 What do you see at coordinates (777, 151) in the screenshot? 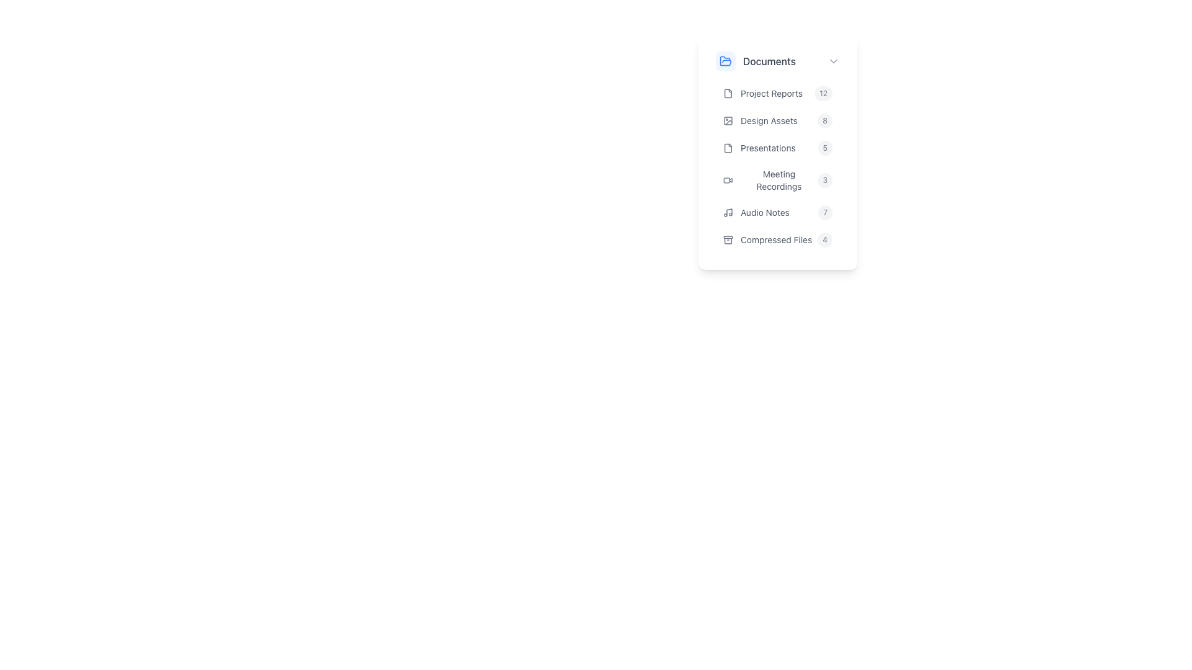
I see `the 'Presentations' navigation item` at bounding box center [777, 151].